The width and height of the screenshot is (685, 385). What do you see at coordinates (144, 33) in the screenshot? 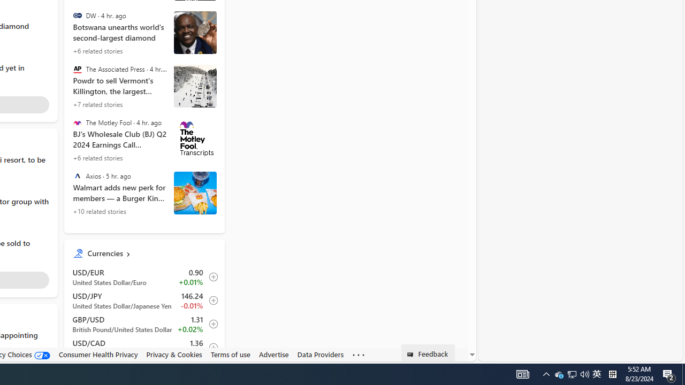
I see `'Botswana unearths world'` at bounding box center [144, 33].